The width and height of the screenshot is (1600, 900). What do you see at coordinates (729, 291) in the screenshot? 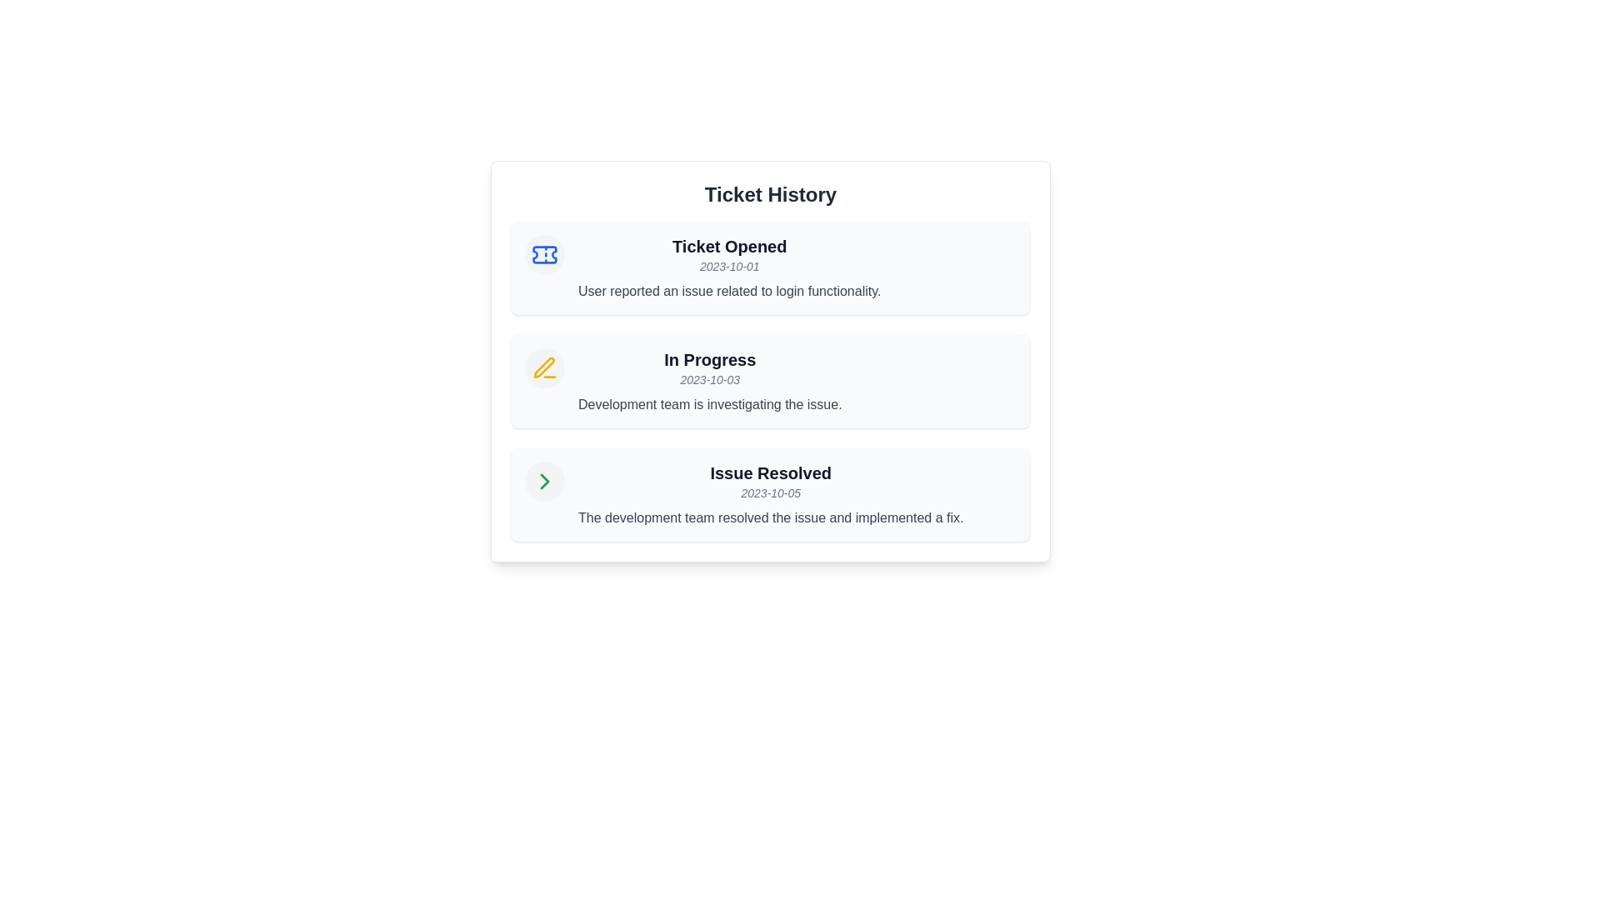
I see `the text label stating 'User reported an issue related to login functionality.', which is styled in gray font and positioned below the 'Ticket Opened' title and the date '2023-10-01'` at bounding box center [729, 291].